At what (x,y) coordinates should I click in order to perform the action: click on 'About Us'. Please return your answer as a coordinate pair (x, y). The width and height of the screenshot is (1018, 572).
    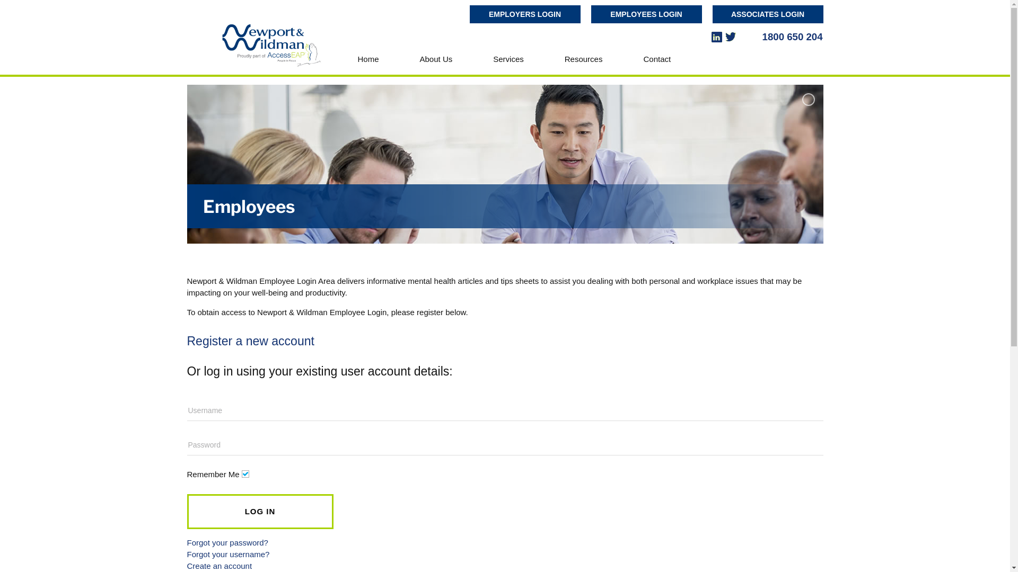
    Looking at the image, I should click on (406, 59).